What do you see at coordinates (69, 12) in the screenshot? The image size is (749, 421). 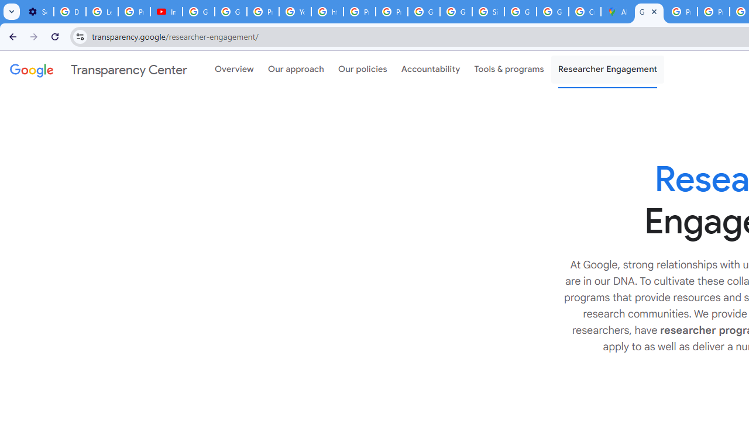 I see `'Delete photos & videos - Computer - Google Photos Help'` at bounding box center [69, 12].